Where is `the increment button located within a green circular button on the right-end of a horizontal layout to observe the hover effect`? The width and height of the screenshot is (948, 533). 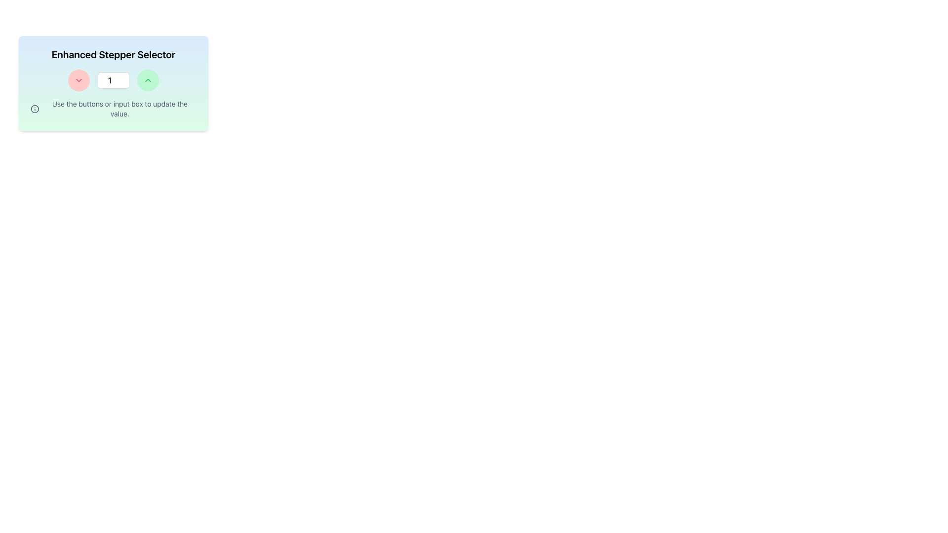 the increment button located within a green circular button on the right-end of a horizontal layout to observe the hover effect is located at coordinates (147, 79).